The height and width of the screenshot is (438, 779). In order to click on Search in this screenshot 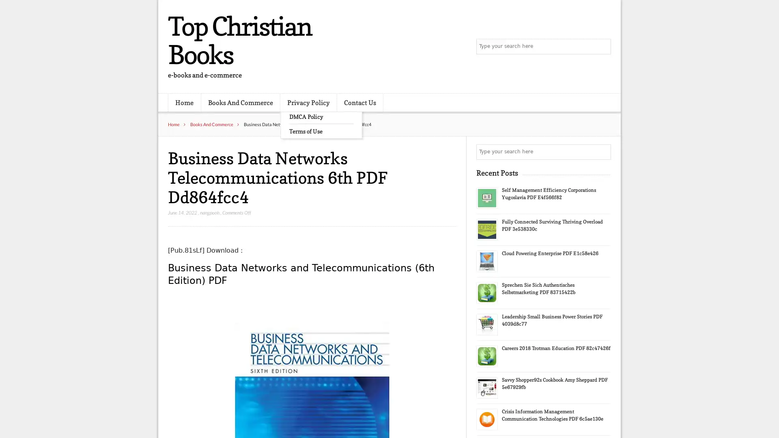, I will do `click(603, 152)`.